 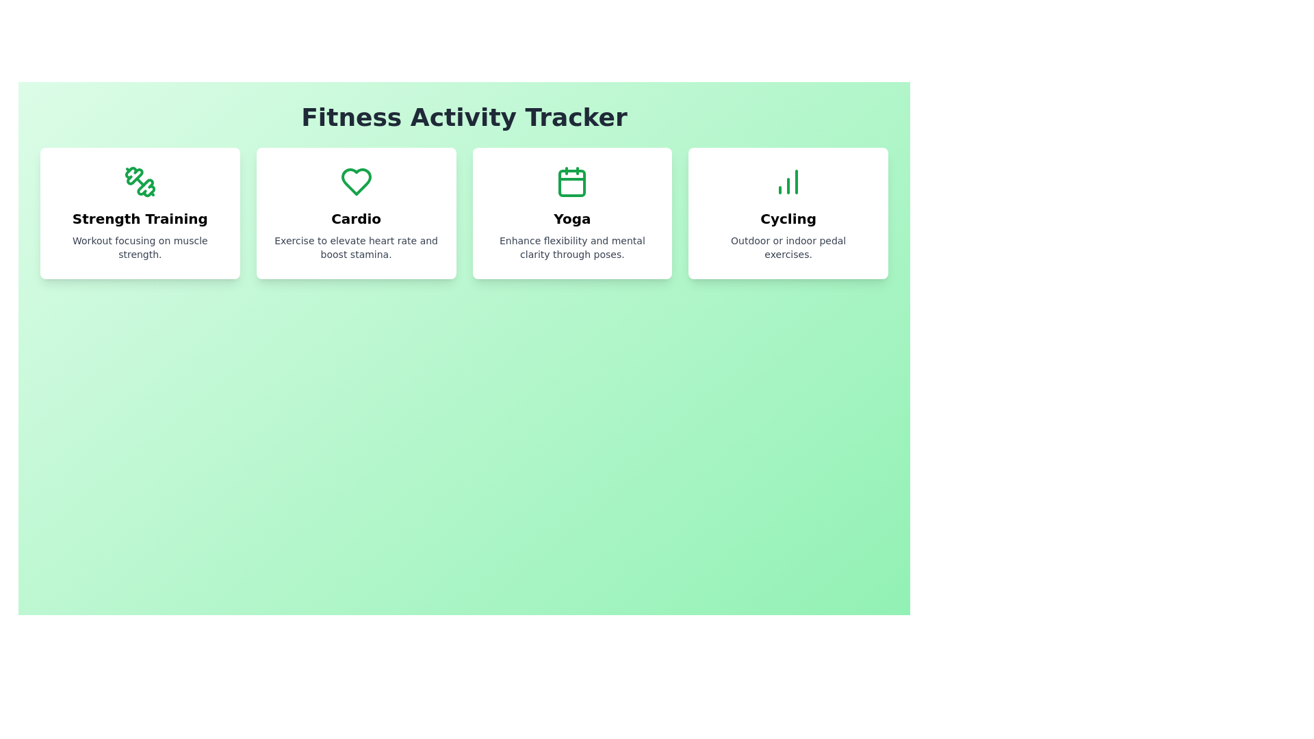 I want to click on bold, large font Static Text Label displaying 'Strength Training' to understand the purpose of the card it is centered in, so click(x=140, y=218).